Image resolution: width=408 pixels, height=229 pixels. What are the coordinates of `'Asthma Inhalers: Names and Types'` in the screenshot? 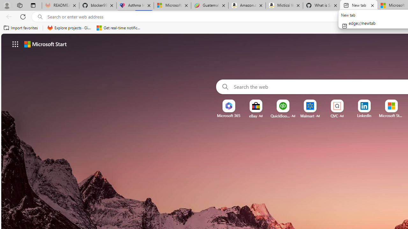 It's located at (135, 5).